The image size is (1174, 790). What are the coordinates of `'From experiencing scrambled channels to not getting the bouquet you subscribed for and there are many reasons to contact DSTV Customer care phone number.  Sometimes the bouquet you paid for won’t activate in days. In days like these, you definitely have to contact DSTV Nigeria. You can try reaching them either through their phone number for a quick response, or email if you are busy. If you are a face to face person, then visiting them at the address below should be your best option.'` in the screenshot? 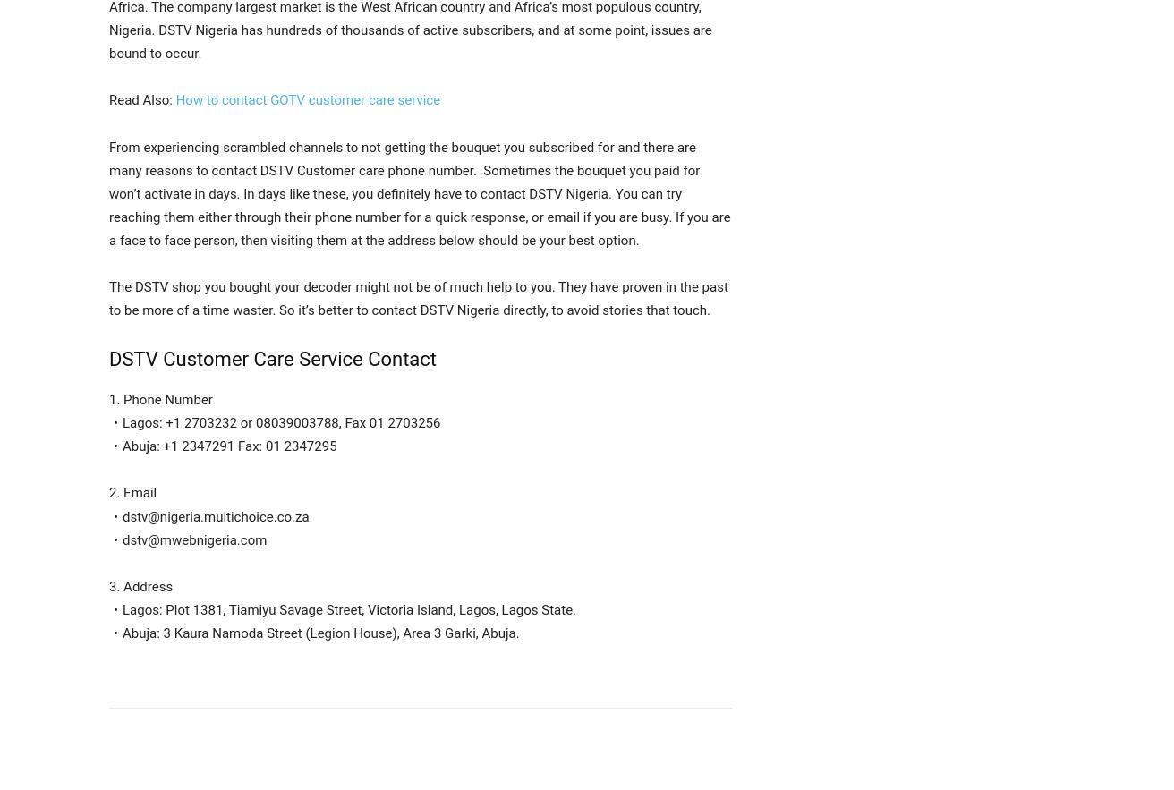 It's located at (420, 192).